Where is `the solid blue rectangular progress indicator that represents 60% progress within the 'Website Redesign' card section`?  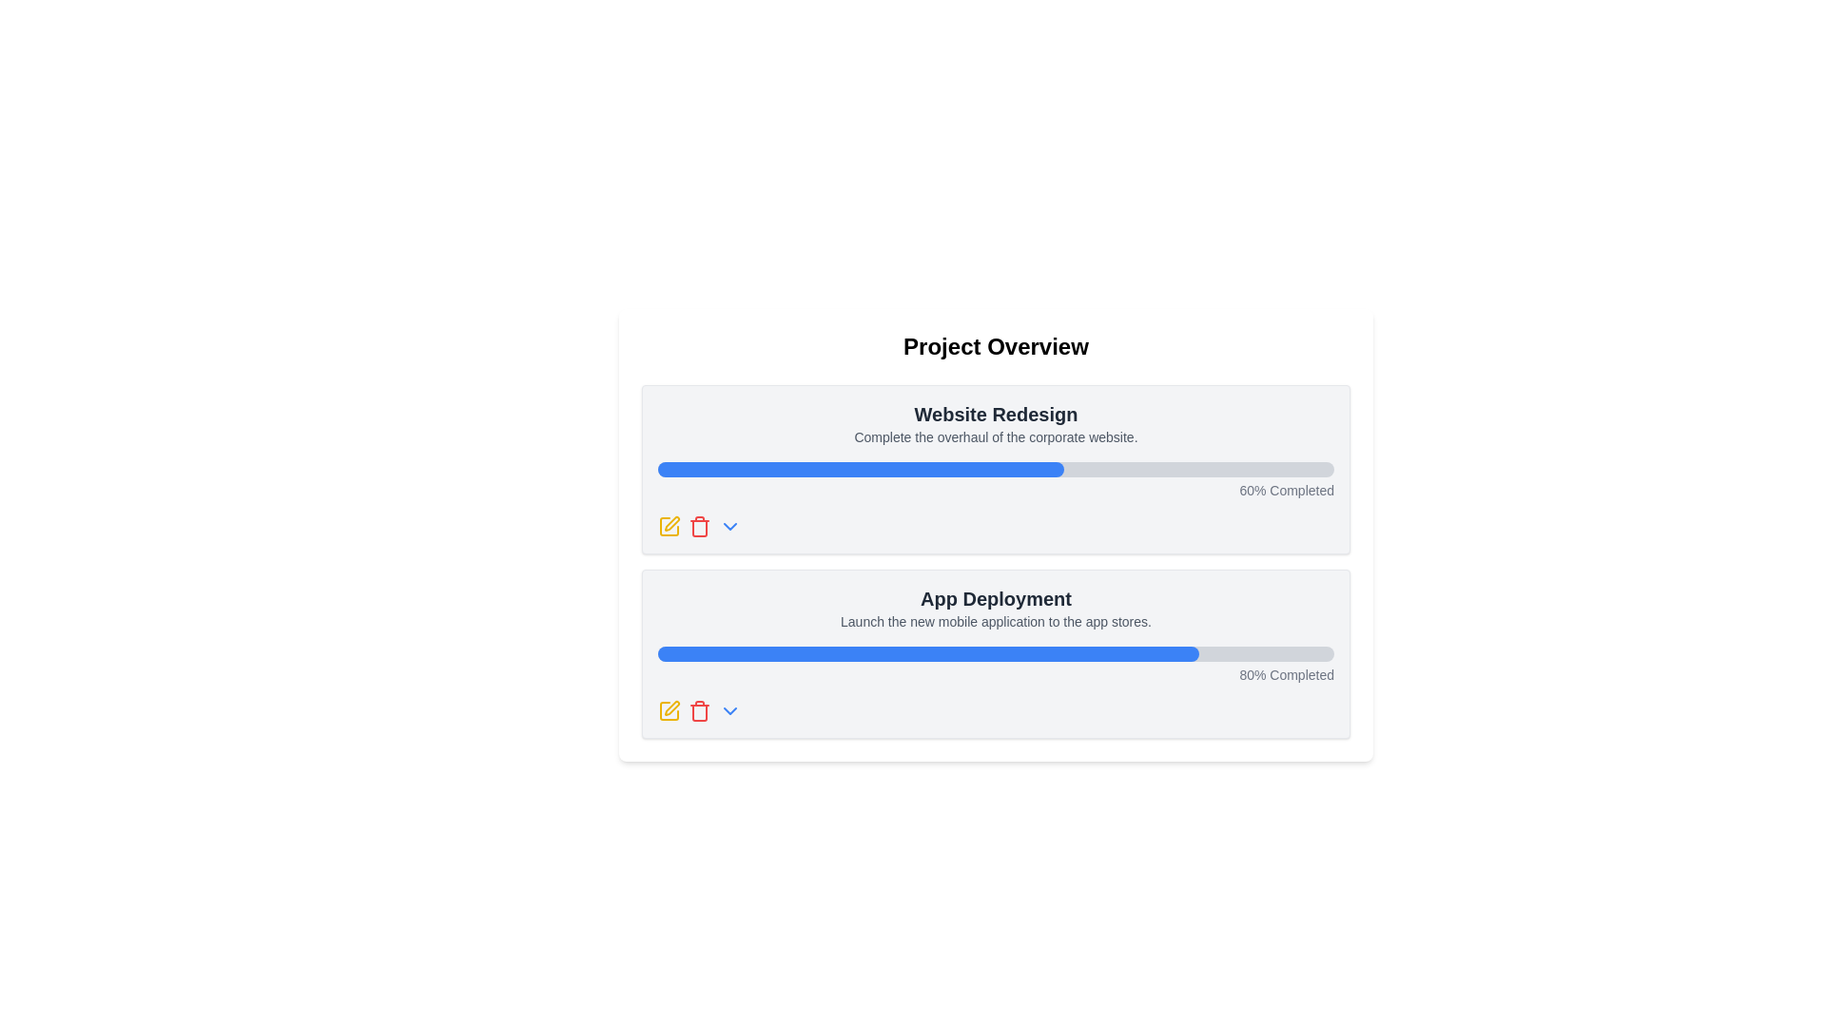 the solid blue rectangular progress indicator that represents 60% progress within the 'Website Redesign' card section is located at coordinates (860, 469).